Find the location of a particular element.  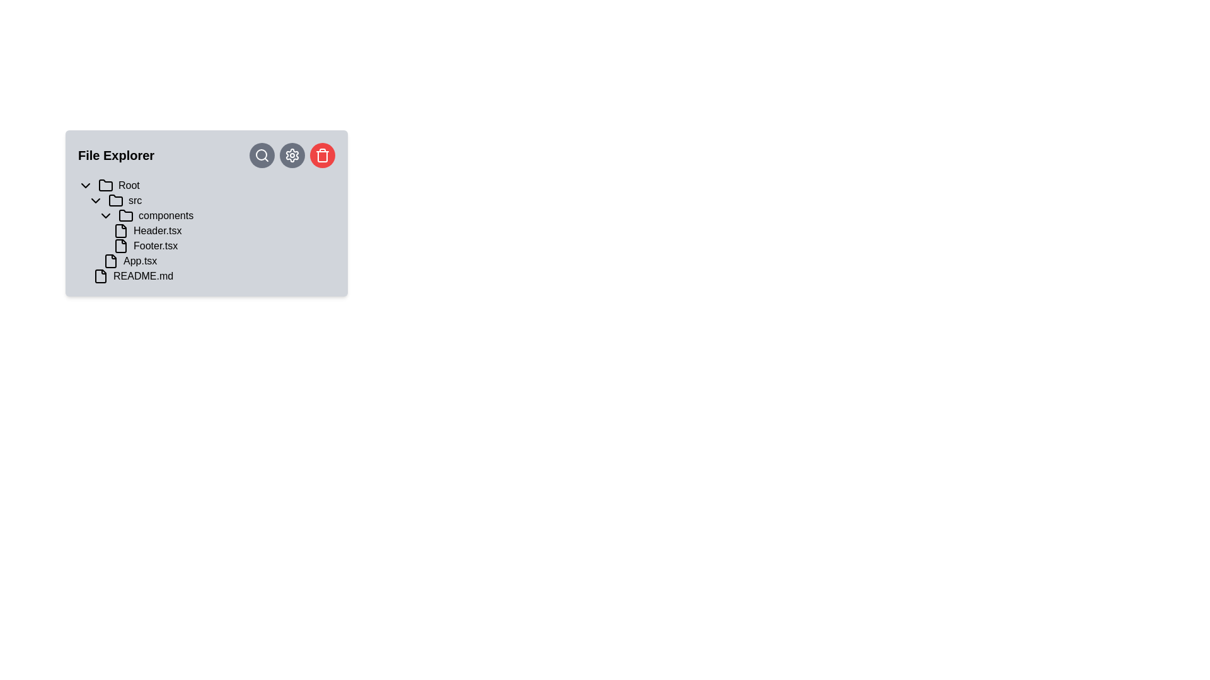

the file document icon representing 'Header.tsx' located within the 'components' folder in the file explorer interface is located at coordinates (121, 230).